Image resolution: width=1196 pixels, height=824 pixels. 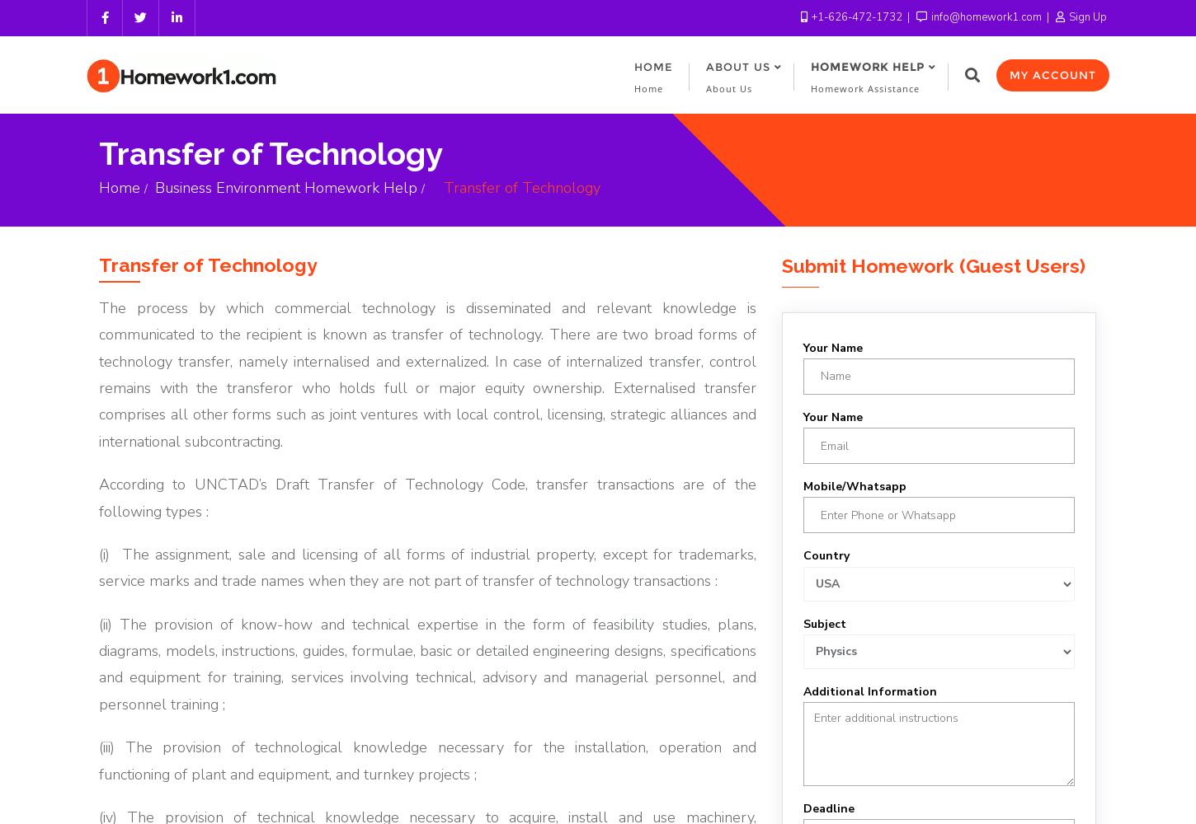 What do you see at coordinates (856, 17) in the screenshot?
I see `'+1-626-472-1732'` at bounding box center [856, 17].